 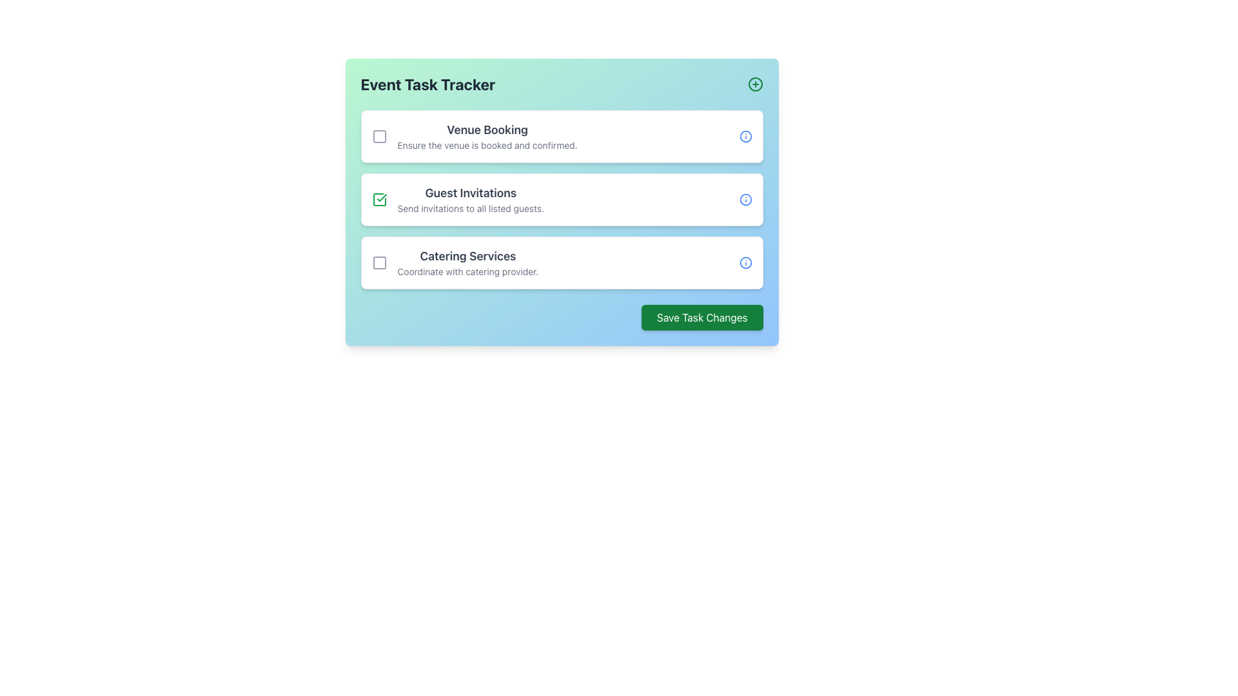 What do you see at coordinates (470, 199) in the screenshot?
I see `the text label that describes the second task item in the vertically arranged task list, positioned between 'Venue Booking' and 'Catering Services'` at bounding box center [470, 199].